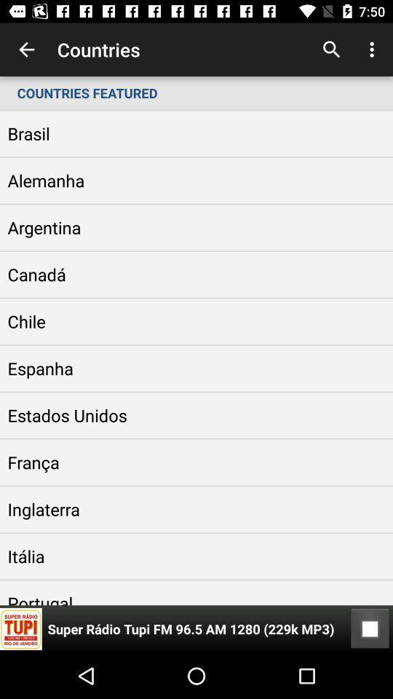 This screenshot has width=393, height=699. I want to click on the app next to countries icon, so click(26, 50).